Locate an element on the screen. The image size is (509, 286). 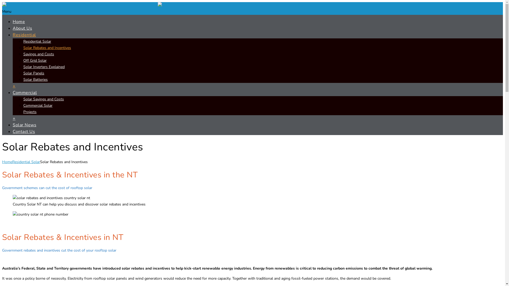
'Commercial Solar' is located at coordinates (23, 105).